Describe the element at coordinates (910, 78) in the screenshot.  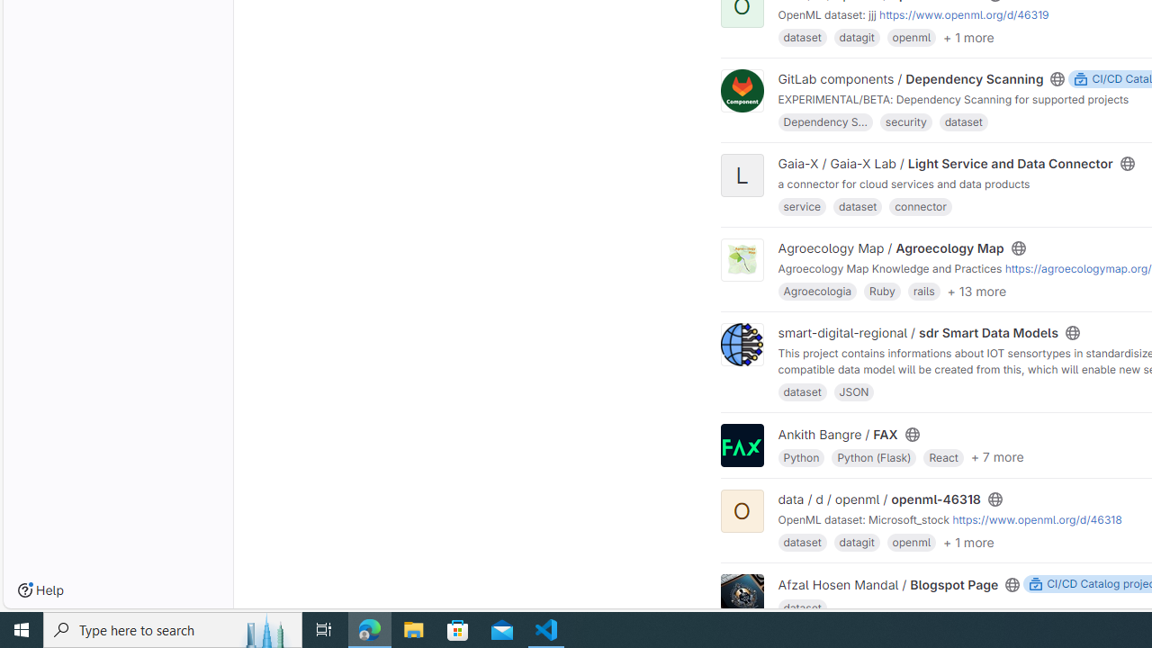
I see `'GitLab components / Dependency Scanning'` at that location.